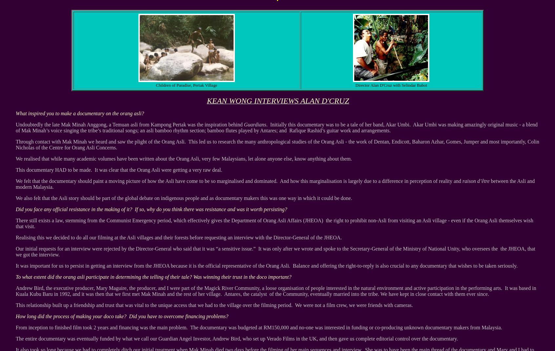 The width and height of the screenshot is (555, 351). What do you see at coordinates (274, 223) in the screenshot?
I see `'There still exists a law, stemming from the Communist
Emergency period, which effectively gives the Department of Orang Asli
Affairs (JHEOA)  the right to prohibit non-Asli from visiting an Asli
village - even if the Orang Asli themselves wish that visit.'` at bounding box center [274, 223].